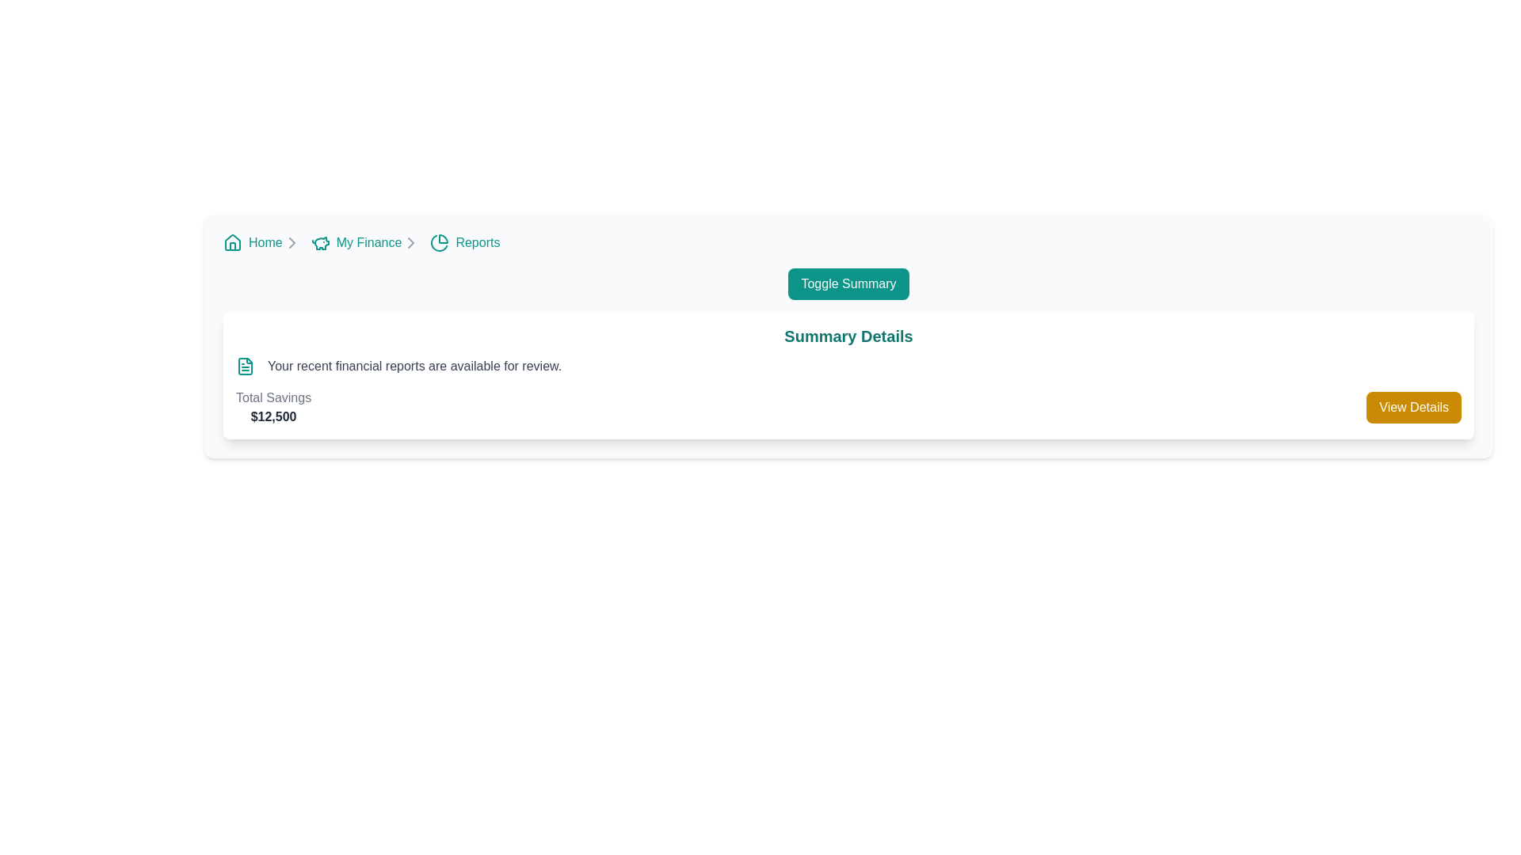 The height and width of the screenshot is (855, 1521). I want to click on text label displaying 'Reports' in teal color, located at the end of the breadcrumb navigation bar above the summary card, so click(477, 243).